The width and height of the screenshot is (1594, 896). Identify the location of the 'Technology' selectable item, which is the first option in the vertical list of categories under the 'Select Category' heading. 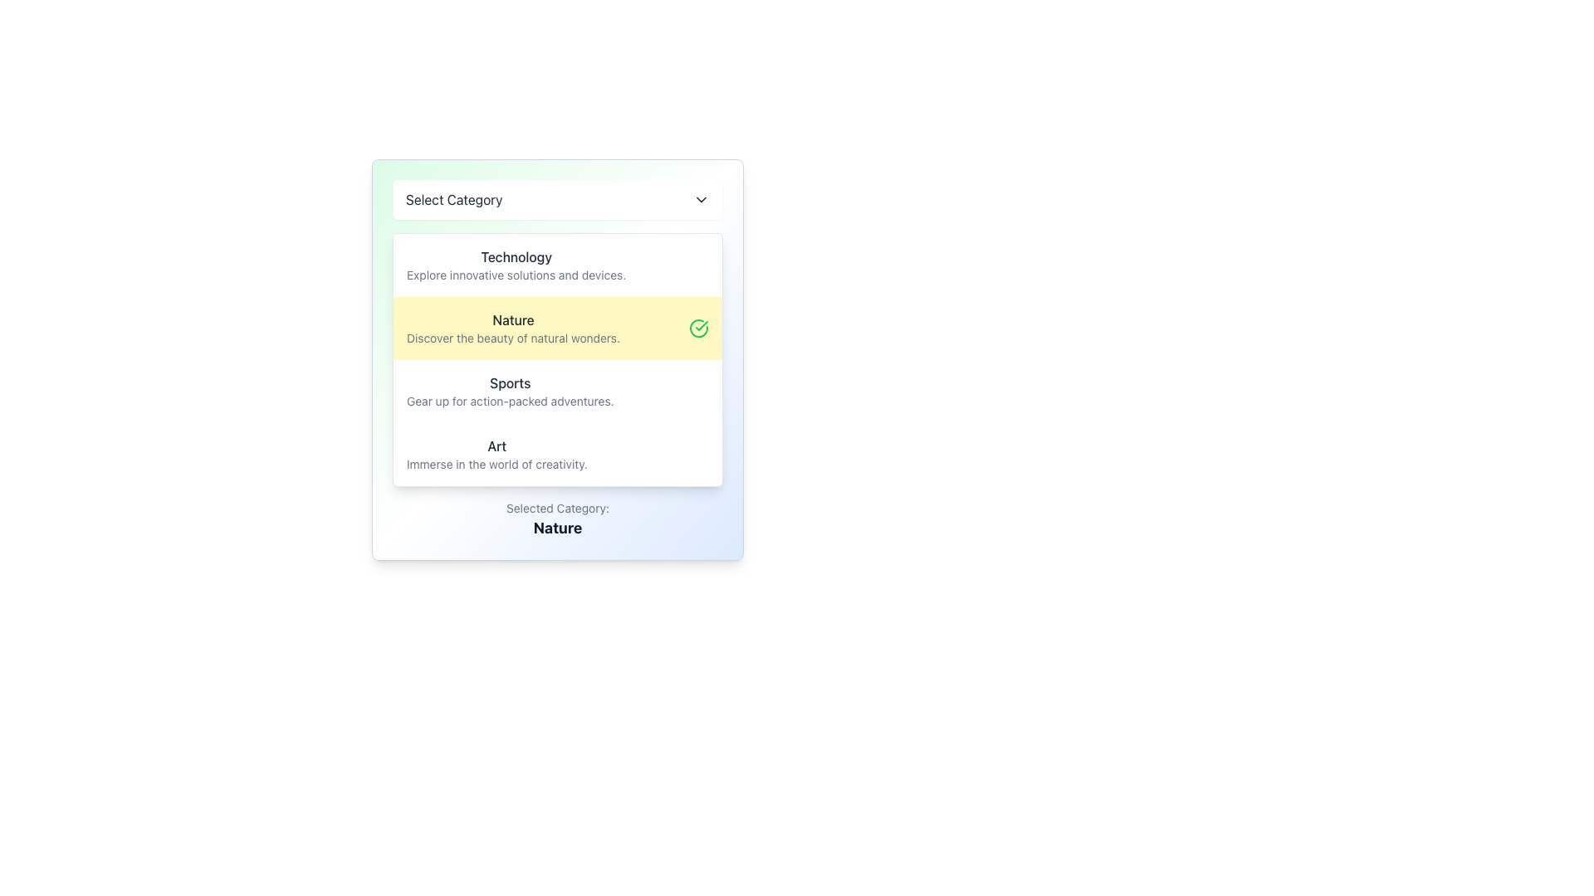
(558, 265).